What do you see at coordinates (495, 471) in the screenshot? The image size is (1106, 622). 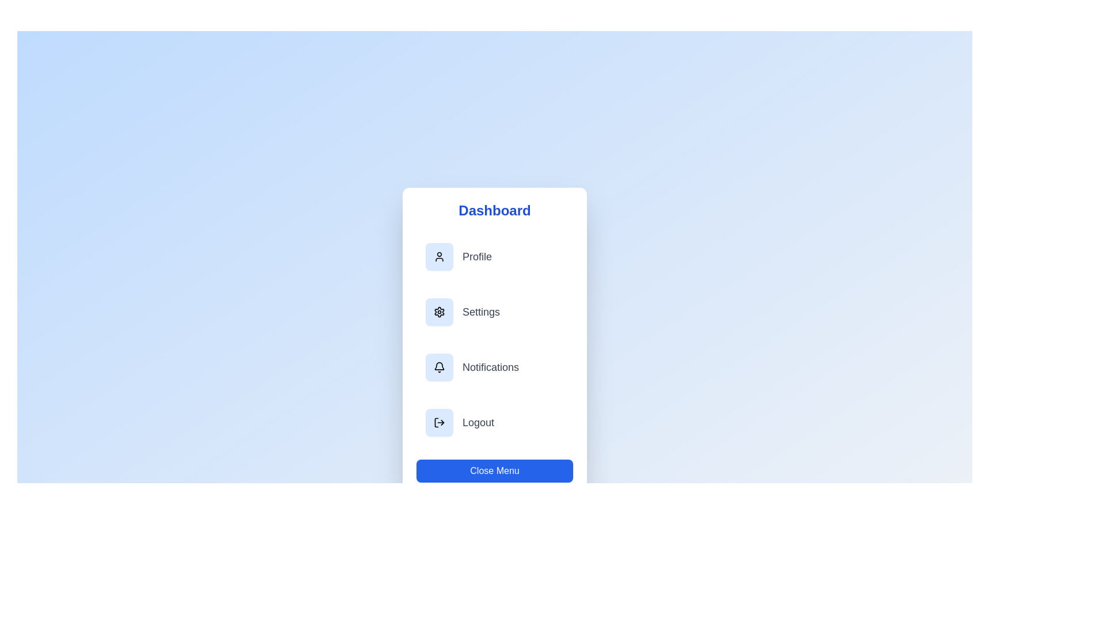 I see `the 'Close Menu' button to close the menu` at bounding box center [495, 471].